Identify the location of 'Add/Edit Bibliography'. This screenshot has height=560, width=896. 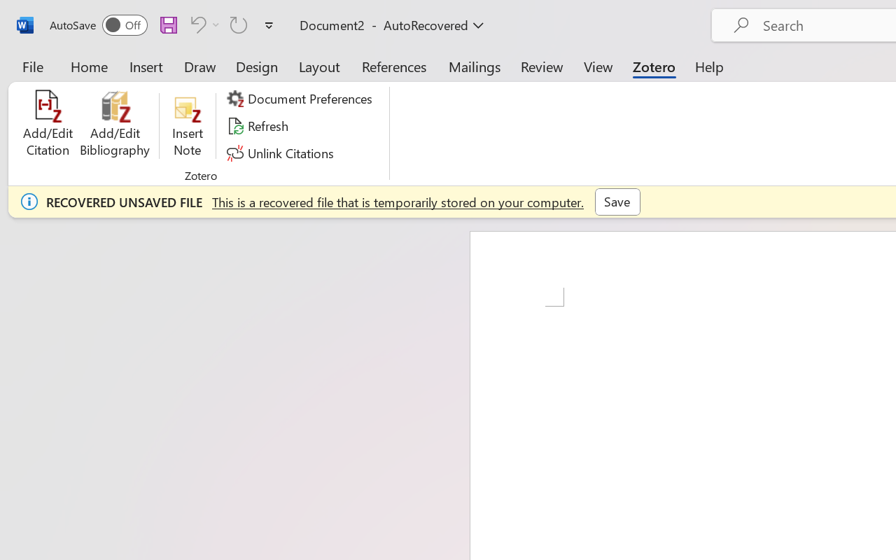
(115, 125).